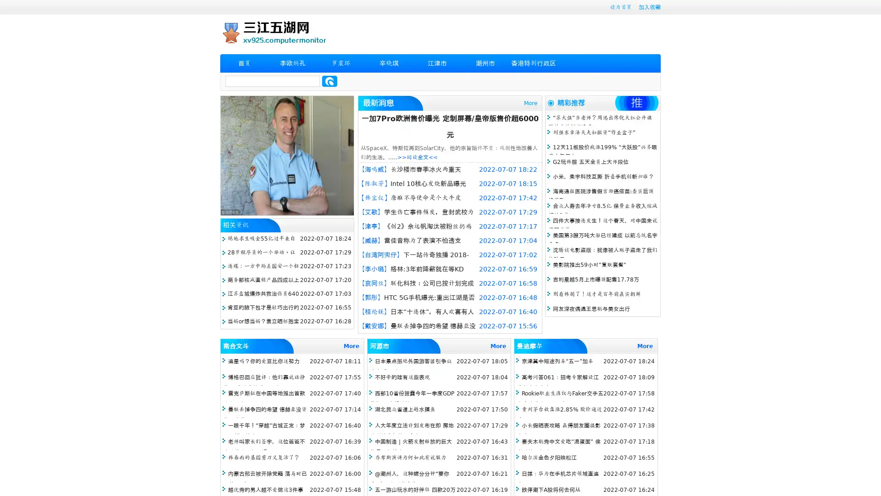 This screenshot has width=881, height=496. Describe the element at coordinates (329, 81) in the screenshot. I see `Search` at that location.